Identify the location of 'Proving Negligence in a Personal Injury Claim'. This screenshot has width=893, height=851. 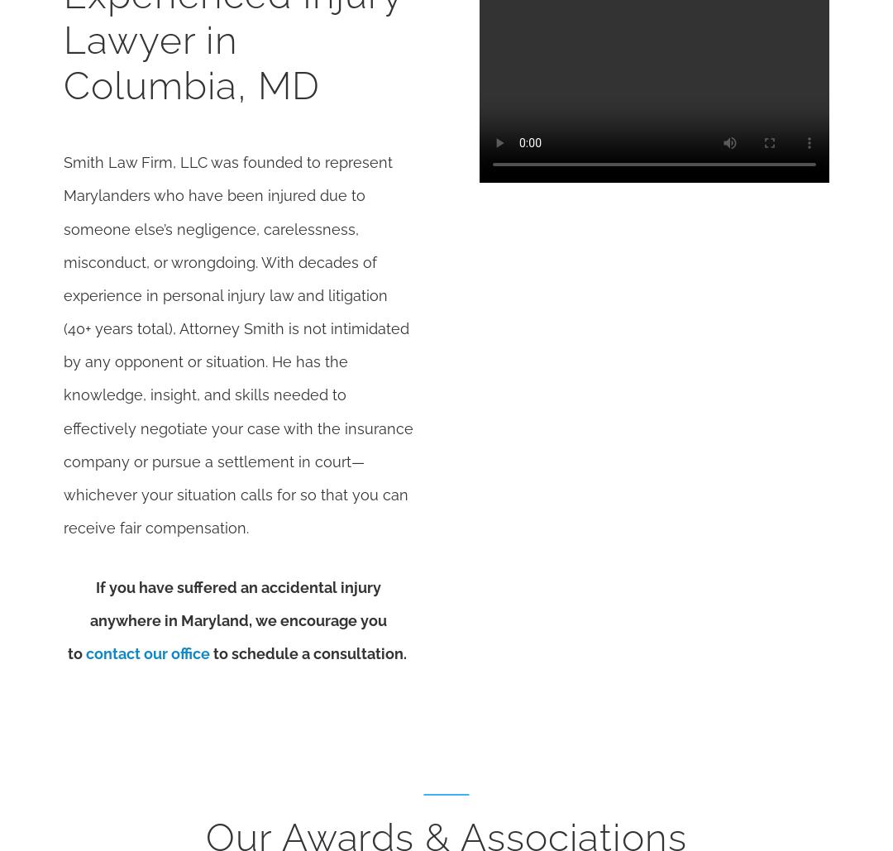
(503, 177).